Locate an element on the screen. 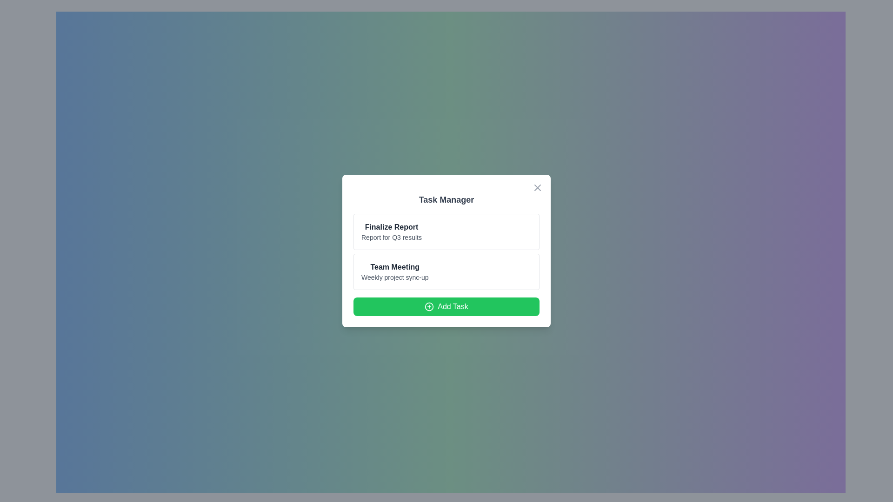 This screenshot has height=502, width=893. the text label providing a brief description for the 'Team Meeting' section, located directly below the 'Team Meeting' heading is located at coordinates (395, 277).